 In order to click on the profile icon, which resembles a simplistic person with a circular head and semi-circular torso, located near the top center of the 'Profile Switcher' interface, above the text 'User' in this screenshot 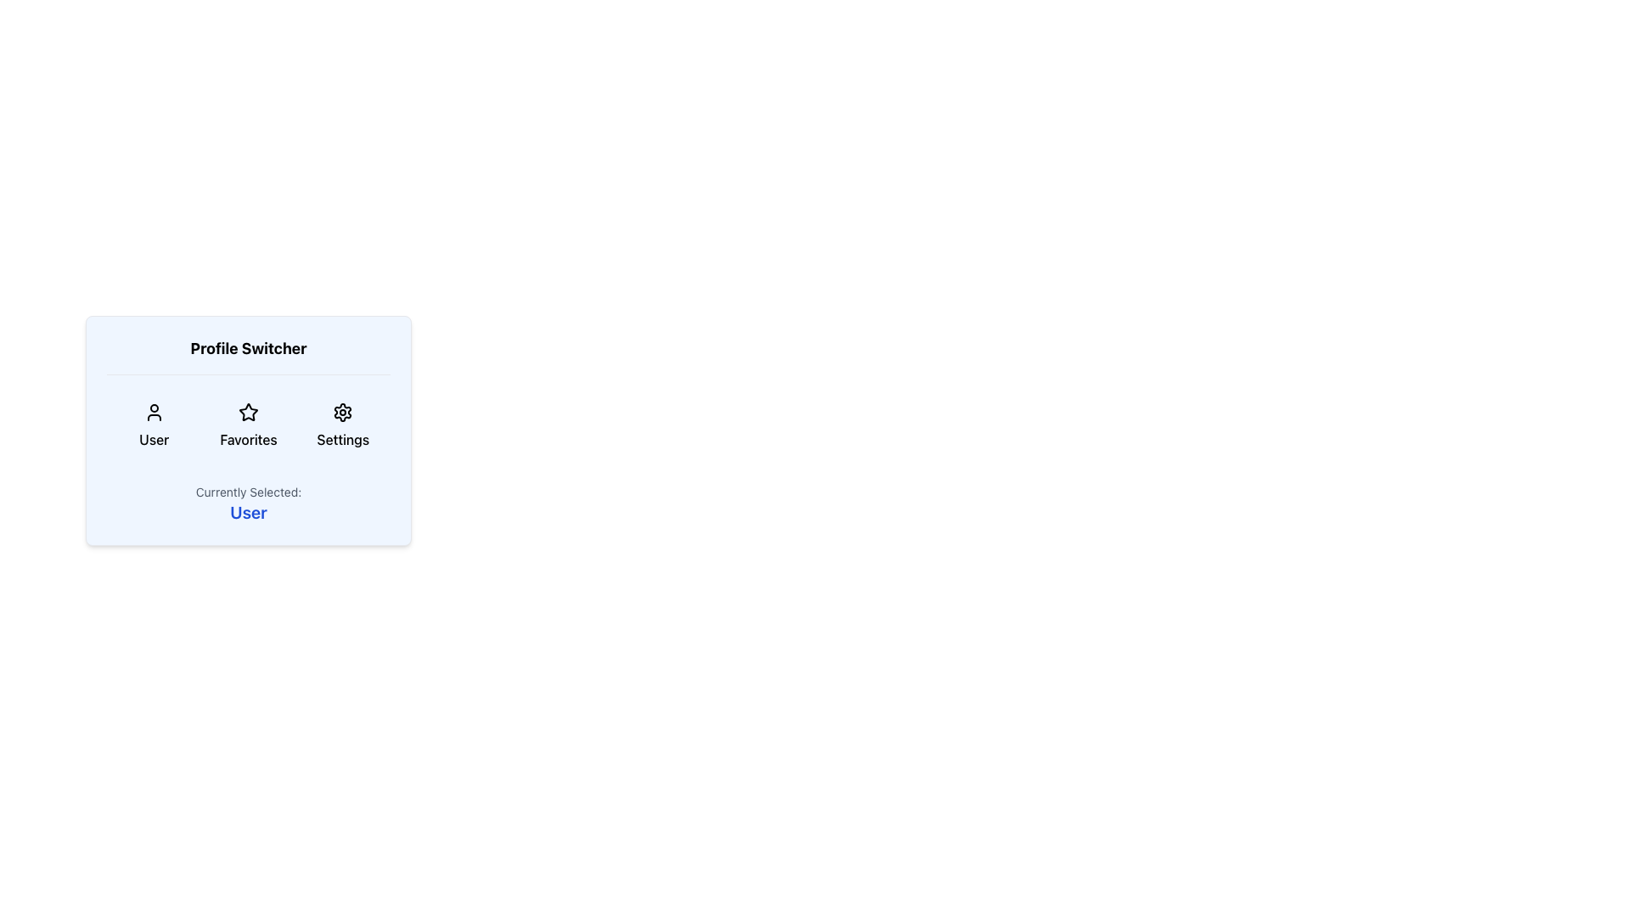, I will do `click(154, 413)`.